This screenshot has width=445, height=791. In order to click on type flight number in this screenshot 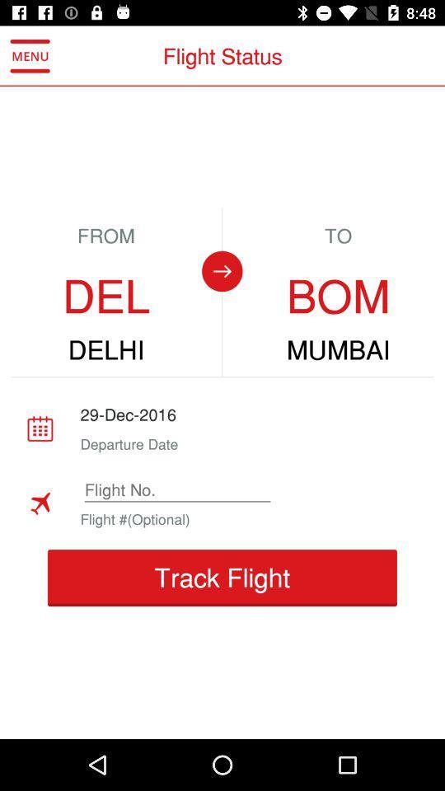, I will do `click(176, 489)`.